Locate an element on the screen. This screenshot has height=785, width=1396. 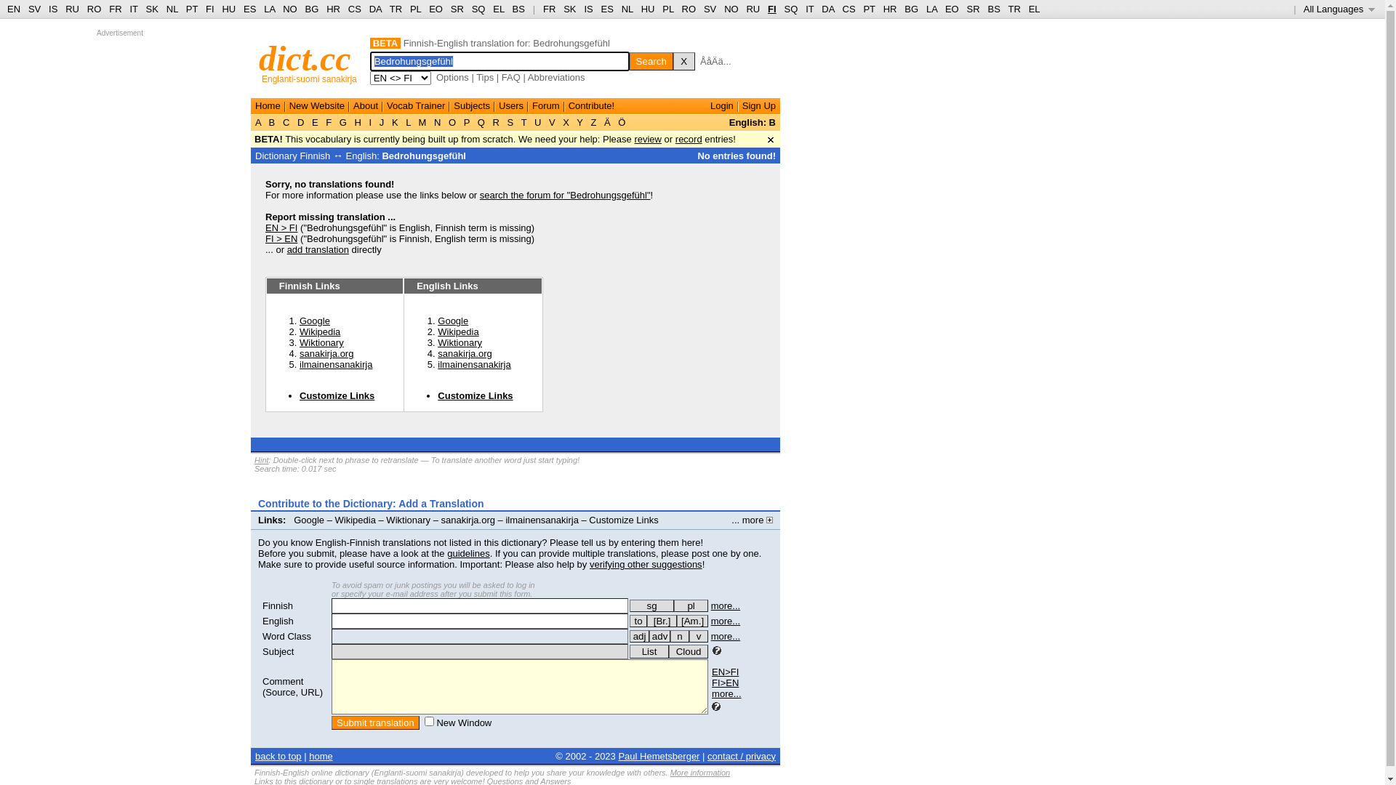
'to' is located at coordinates (629, 621).